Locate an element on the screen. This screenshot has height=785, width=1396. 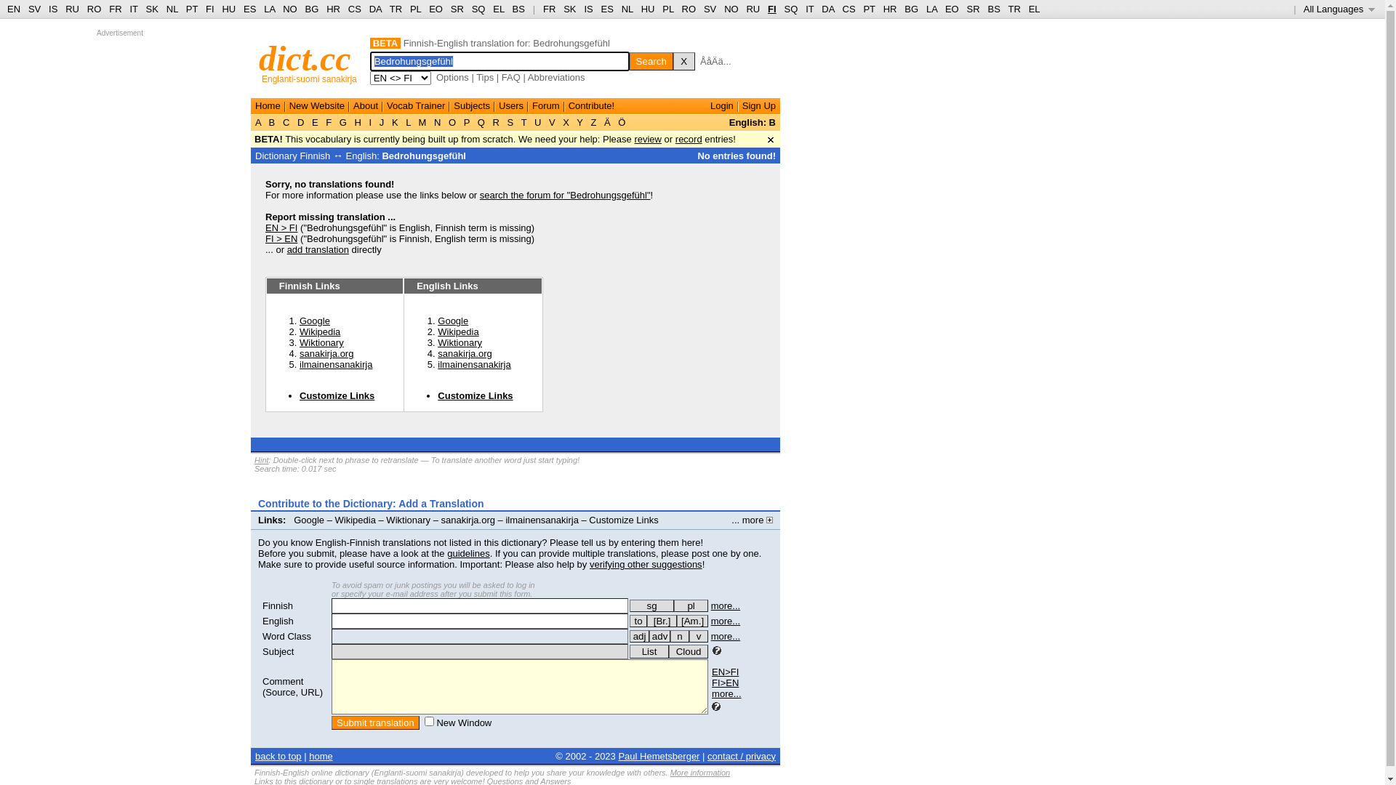
'to' is located at coordinates (629, 621).